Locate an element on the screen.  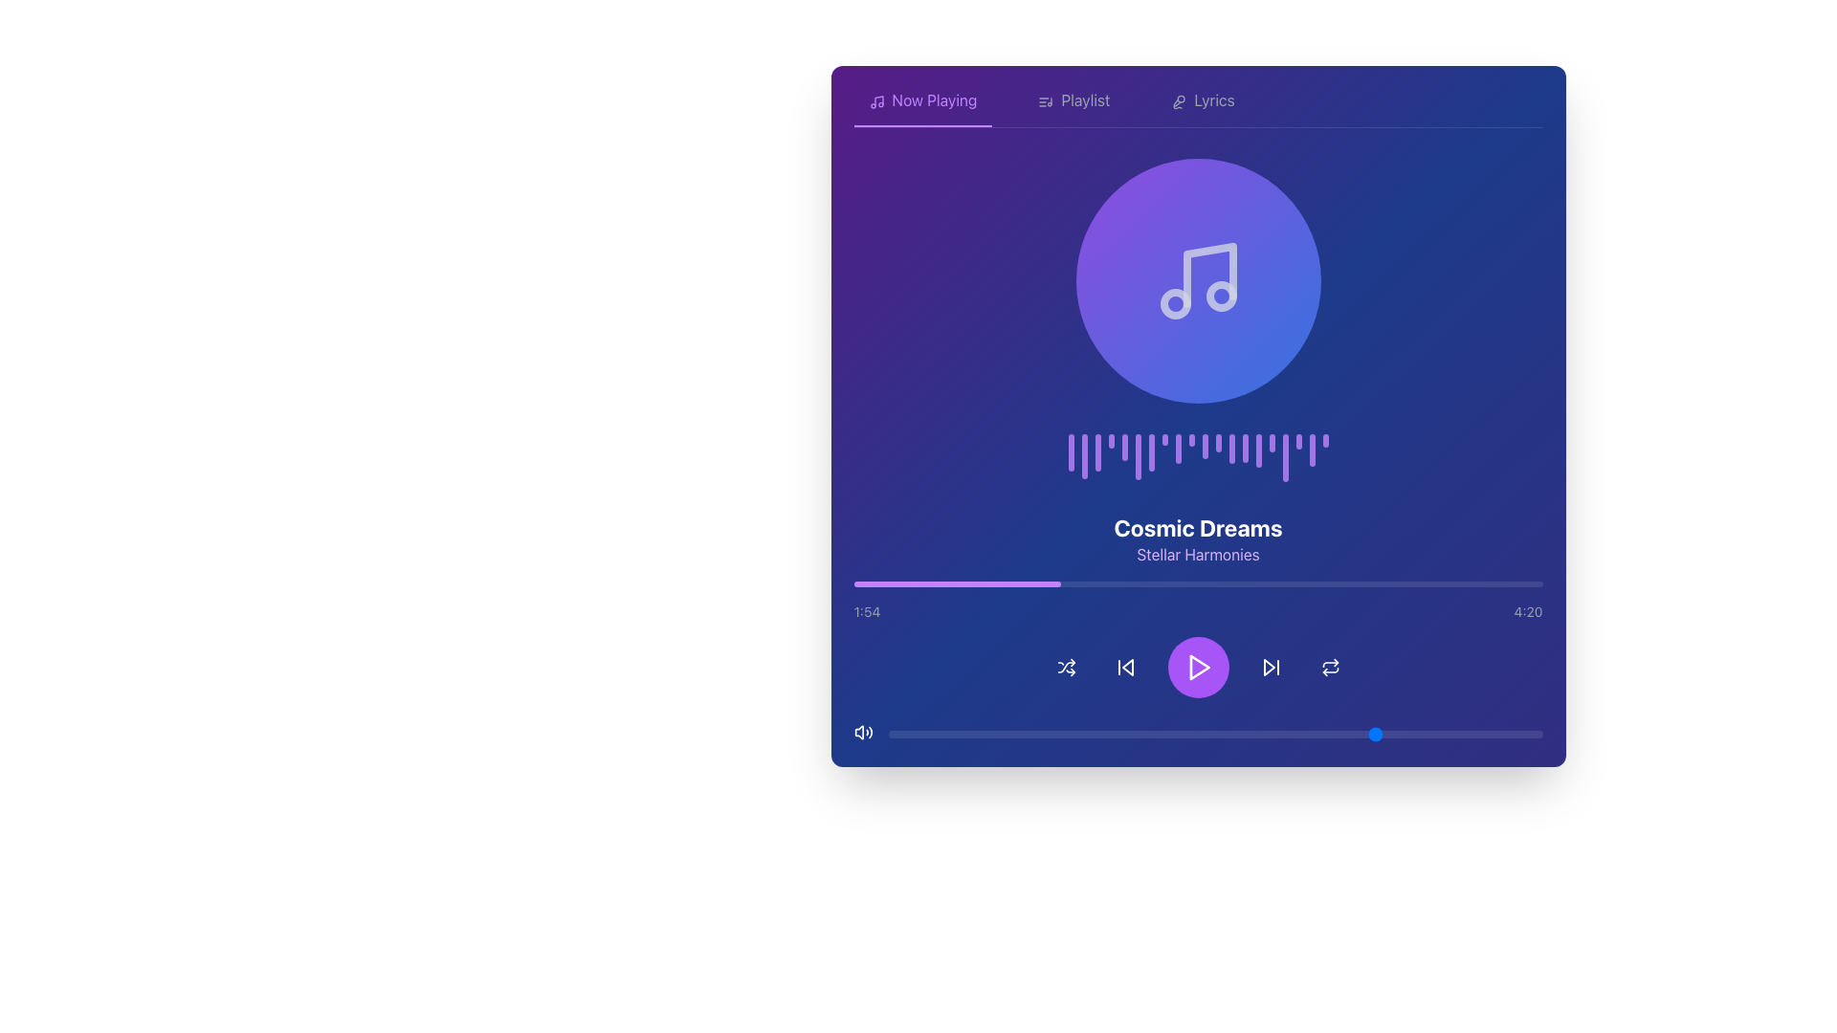
the menu tab button for navigating to the playlist section of the application to observe the hover effect is located at coordinates (1074, 107).